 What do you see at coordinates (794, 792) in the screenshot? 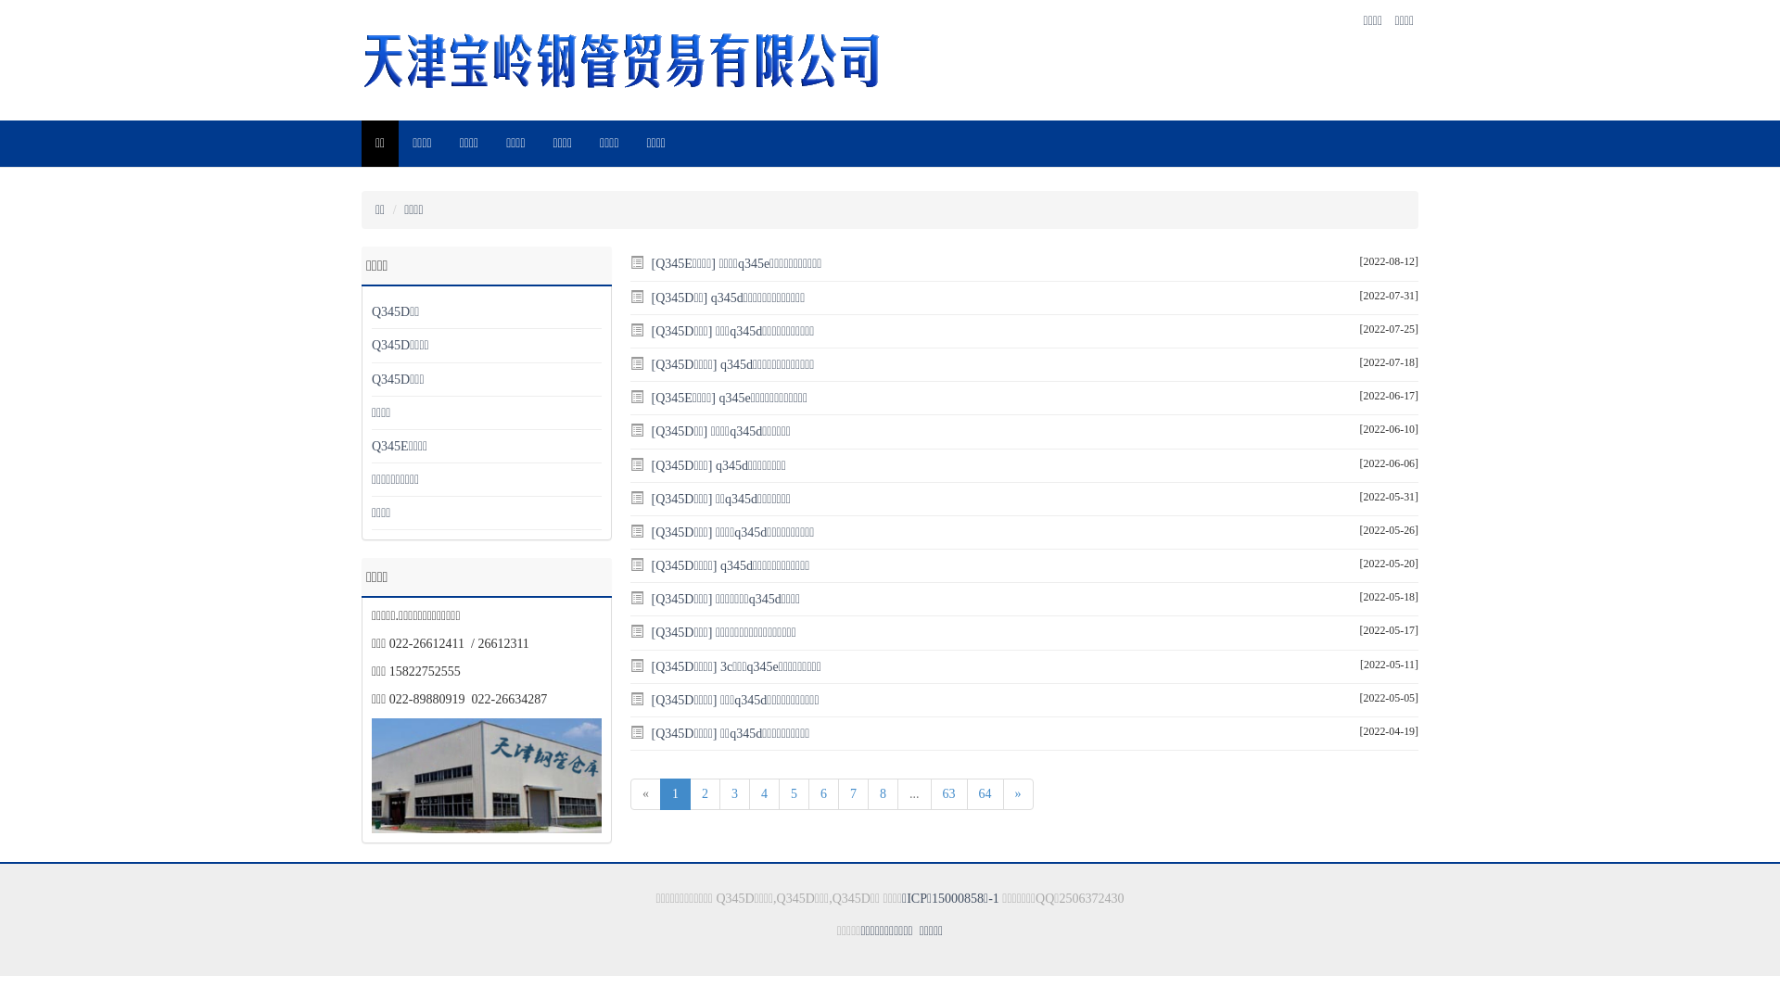
I see `'5'` at bounding box center [794, 792].